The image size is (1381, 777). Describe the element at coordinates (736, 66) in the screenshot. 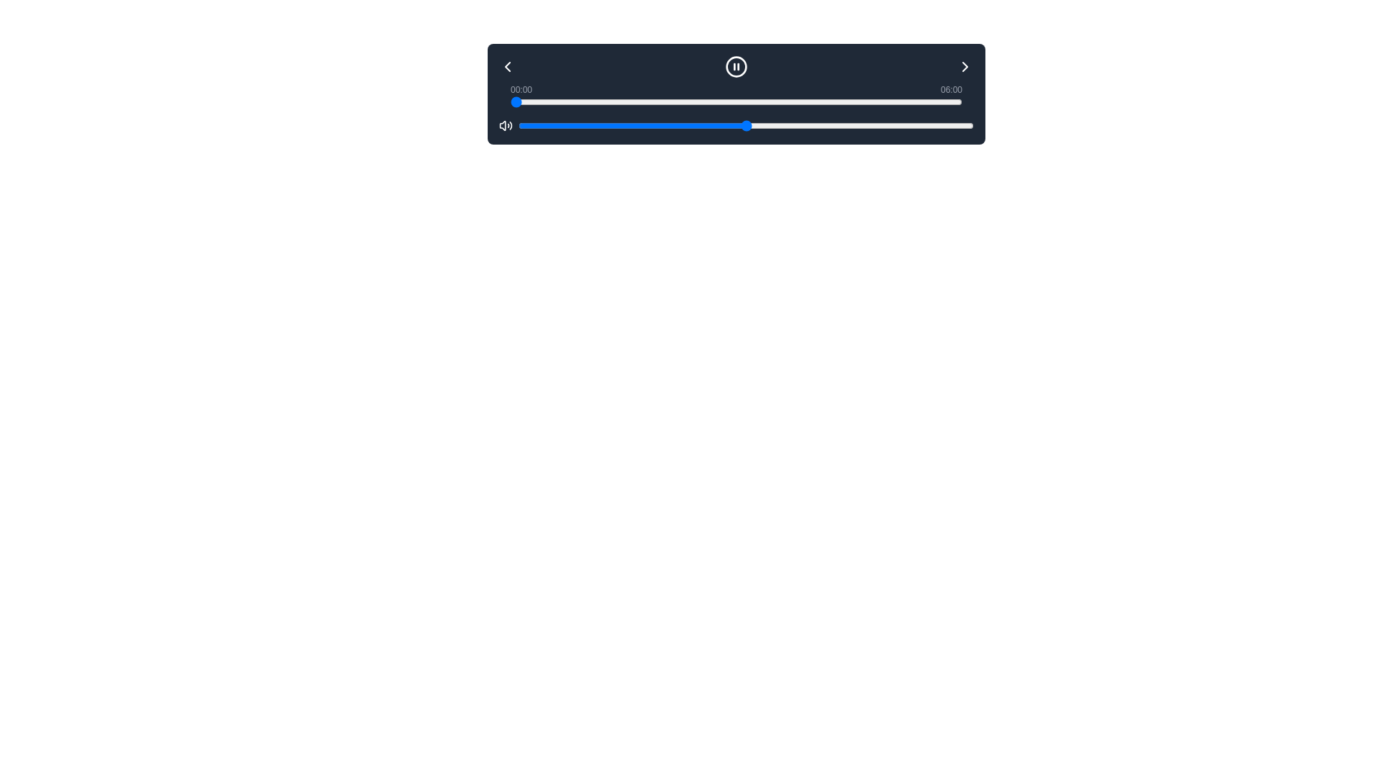

I see `the 'Pause' button located above the progress bar` at that location.